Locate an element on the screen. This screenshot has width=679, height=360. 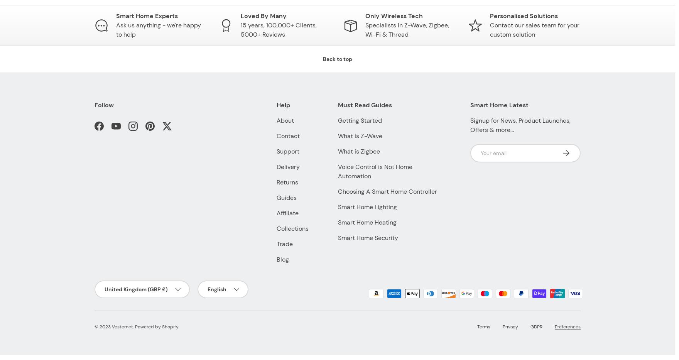
'Vesternet' is located at coordinates (122, 326).